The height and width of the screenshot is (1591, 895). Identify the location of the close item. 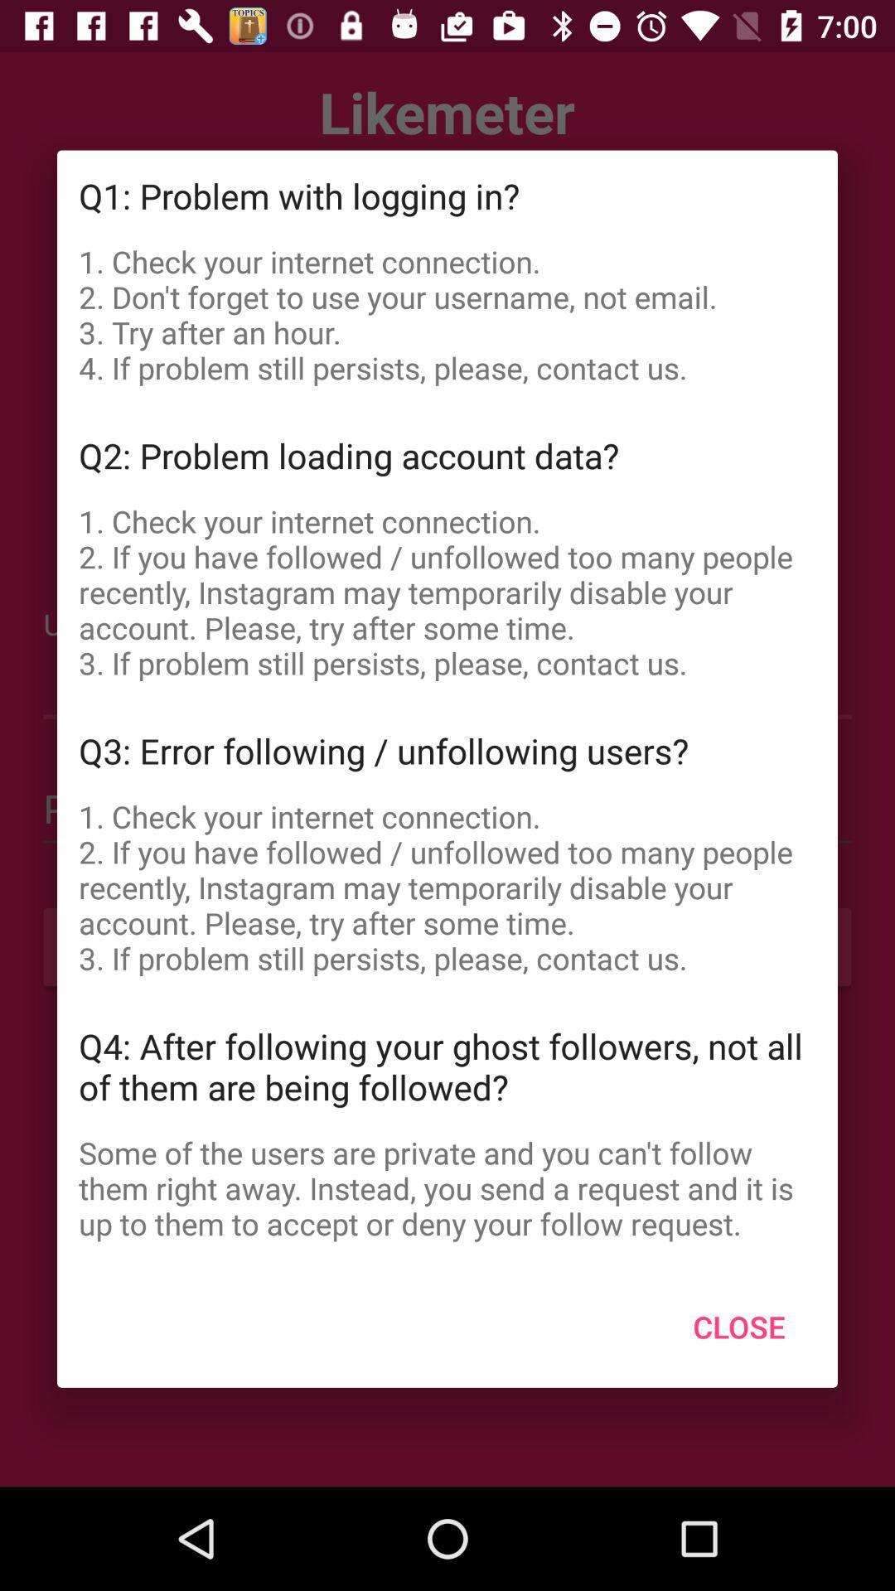
(738, 1327).